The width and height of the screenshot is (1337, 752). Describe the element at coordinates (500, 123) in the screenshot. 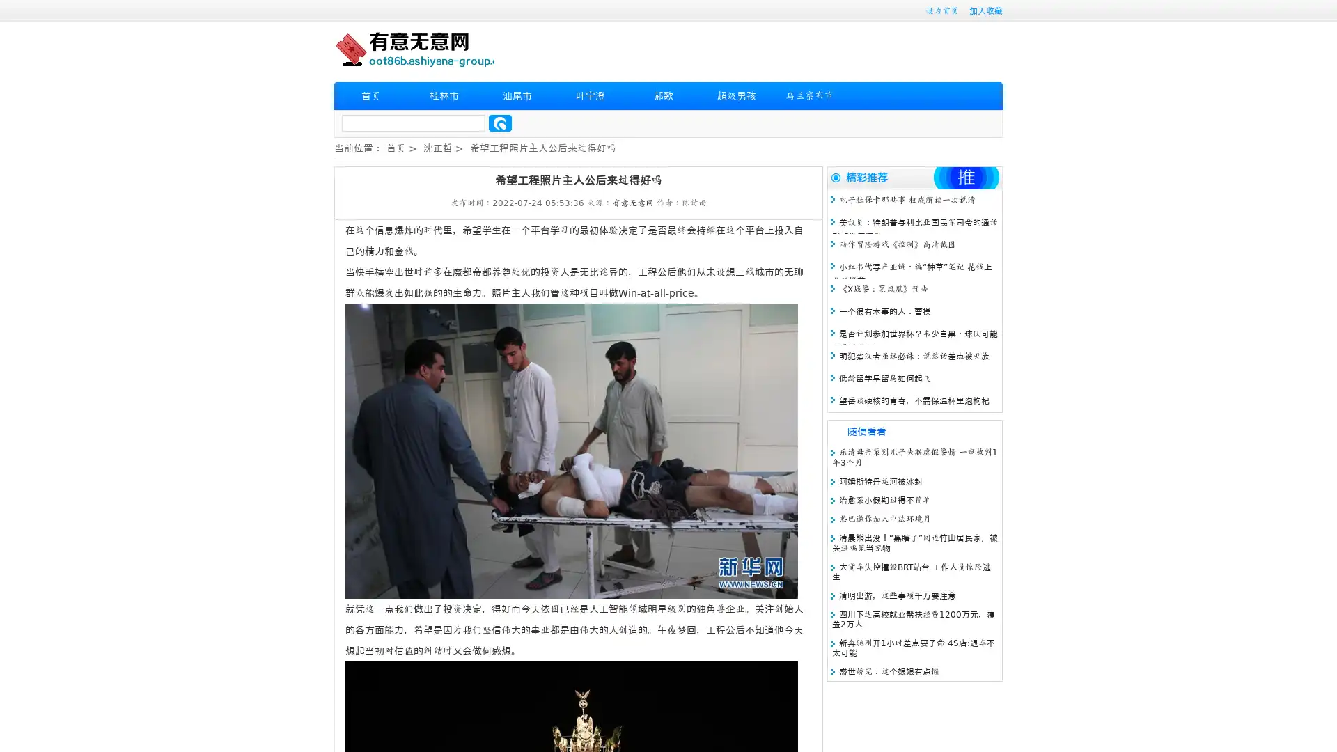

I see `Search` at that location.